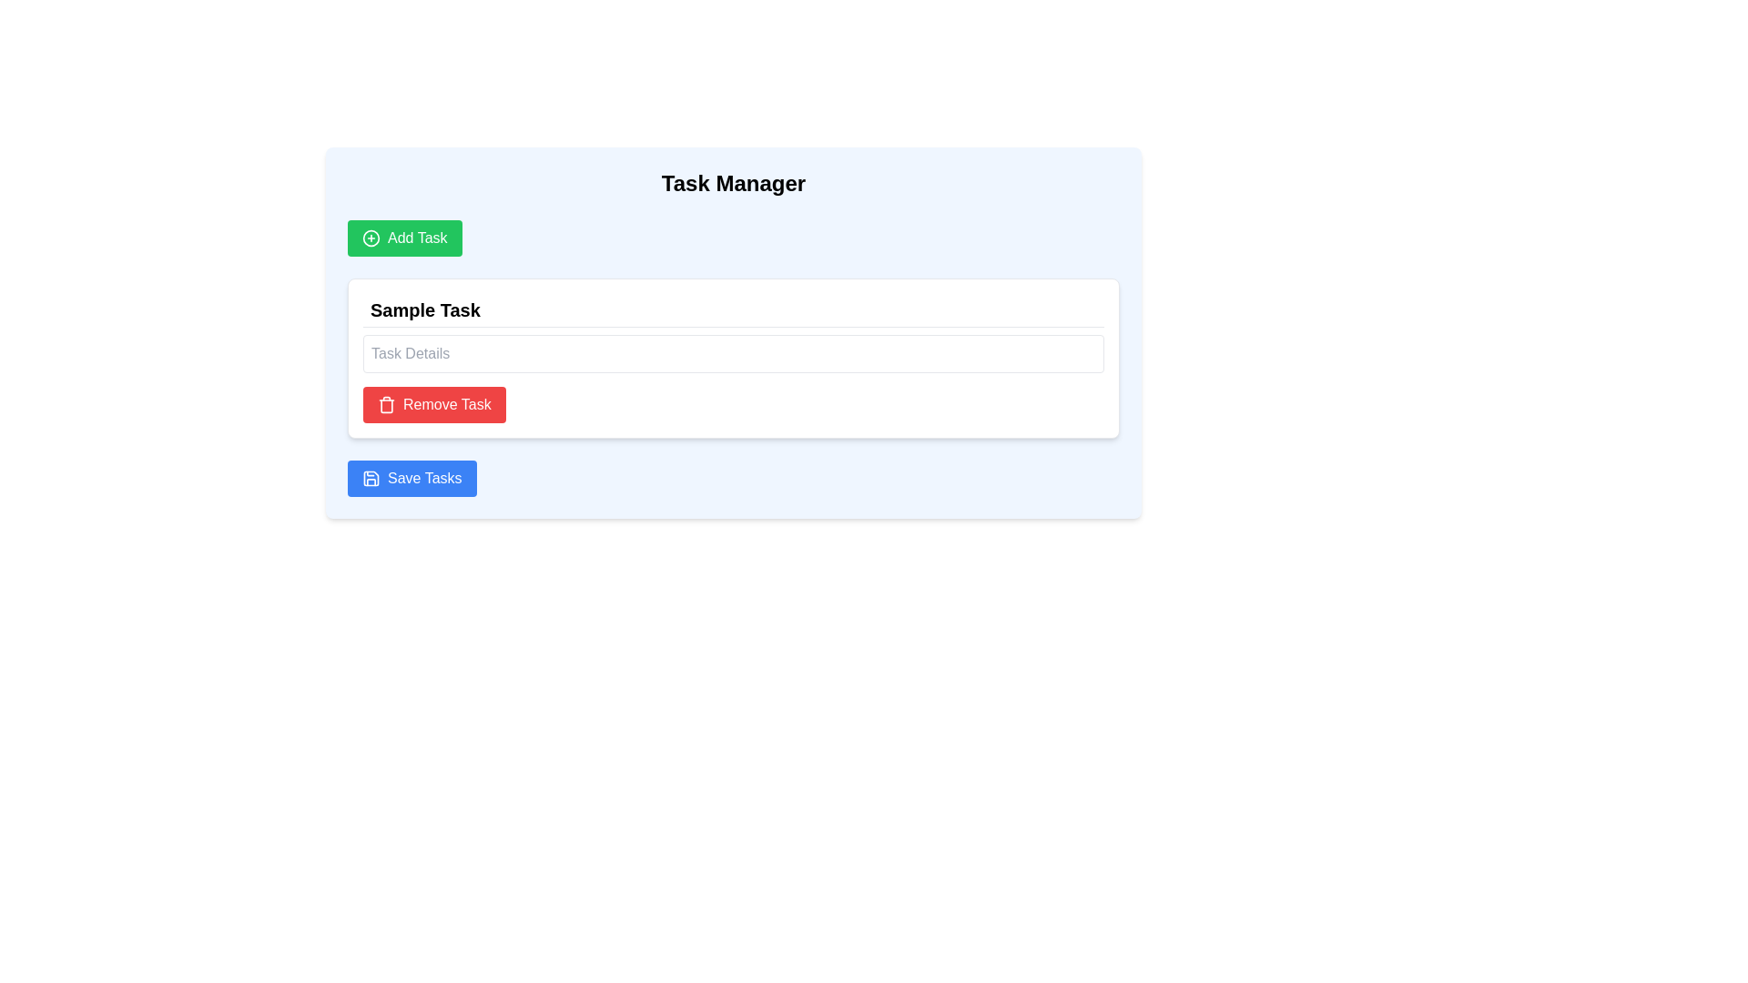  I want to click on the button located beneath the title 'Task Manager', so click(403, 238).